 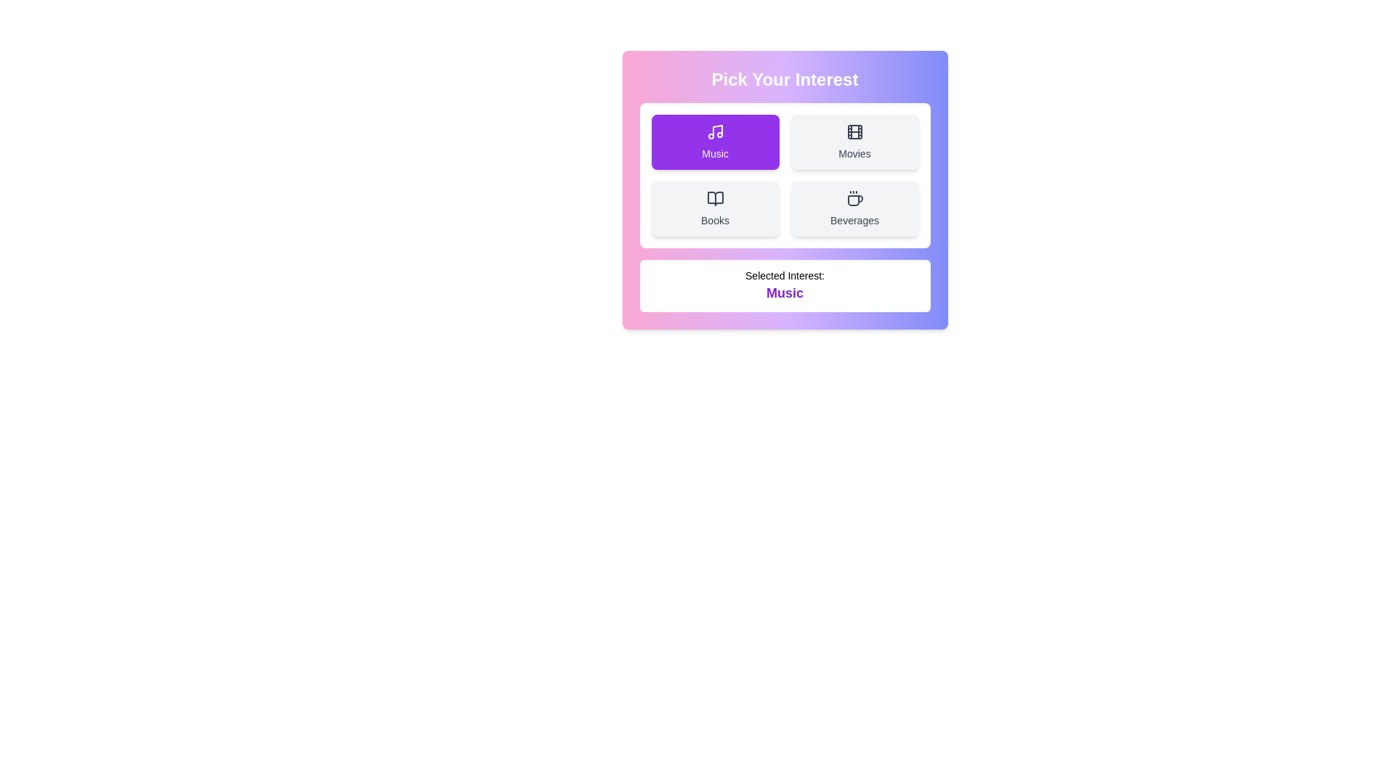 What do you see at coordinates (715, 209) in the screenshot?
I see `the button corresponding to the interest Books` at bounding box center [715, 209].